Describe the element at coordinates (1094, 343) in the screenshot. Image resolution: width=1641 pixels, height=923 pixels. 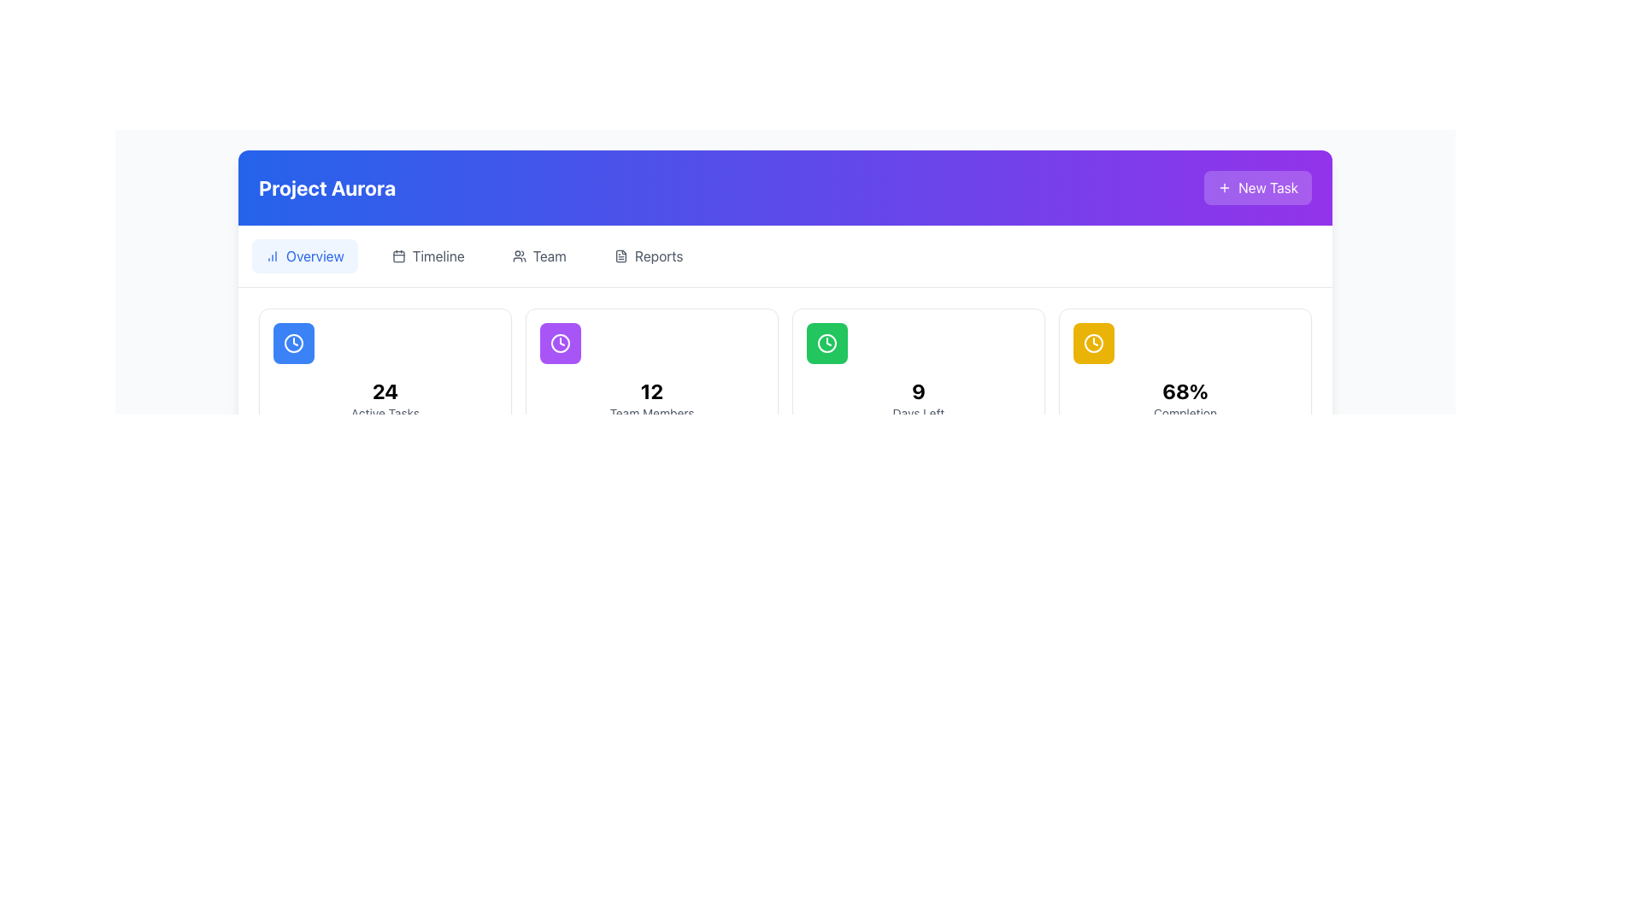
I see `the icon with a background located at the top-left corner of the card labeled '68% Completion', which visually represents a metric related to time or progress` at that location.